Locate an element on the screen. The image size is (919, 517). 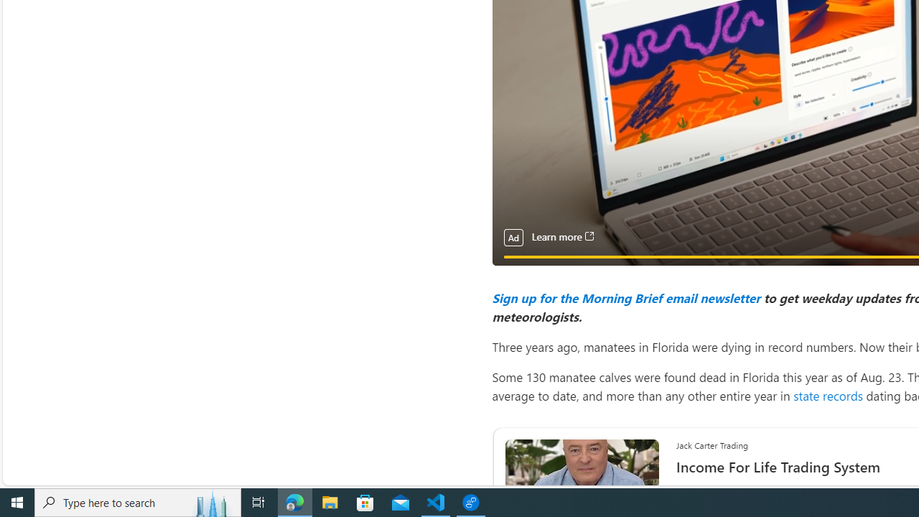
'Learn more' is located at coordinates (561, 236).